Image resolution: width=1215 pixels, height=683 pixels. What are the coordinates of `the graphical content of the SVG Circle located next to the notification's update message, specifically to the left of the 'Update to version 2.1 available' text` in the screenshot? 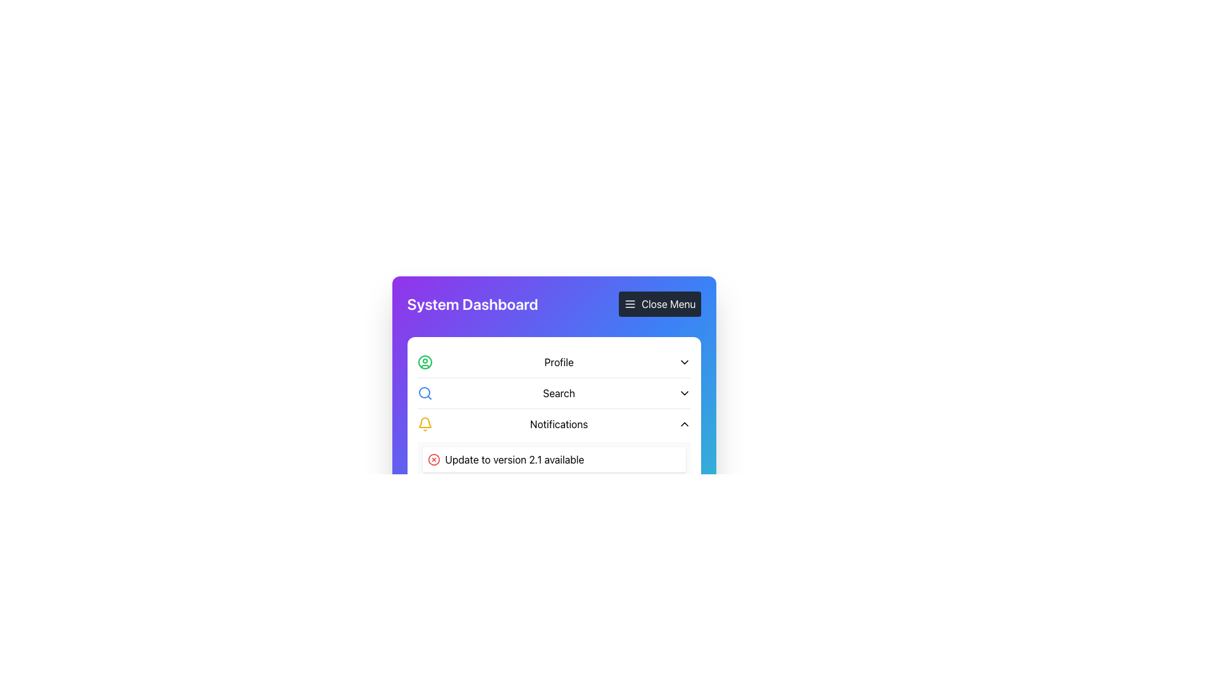 It's located at (433, 459).